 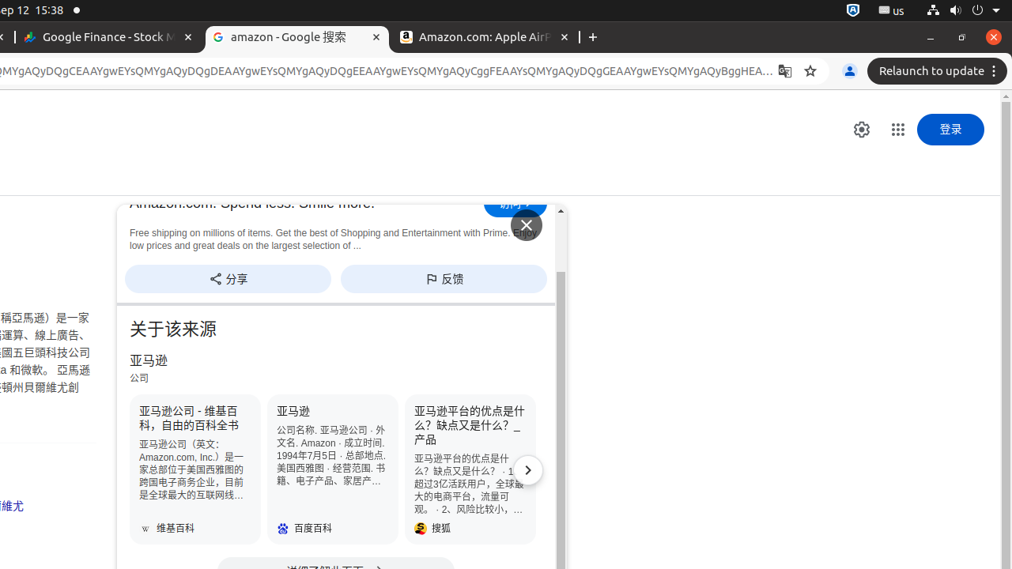 What do you see at coordinates (939, 71) in the screenshot?
I see `'Relaunch to update'` at bounding box center [939, 71].